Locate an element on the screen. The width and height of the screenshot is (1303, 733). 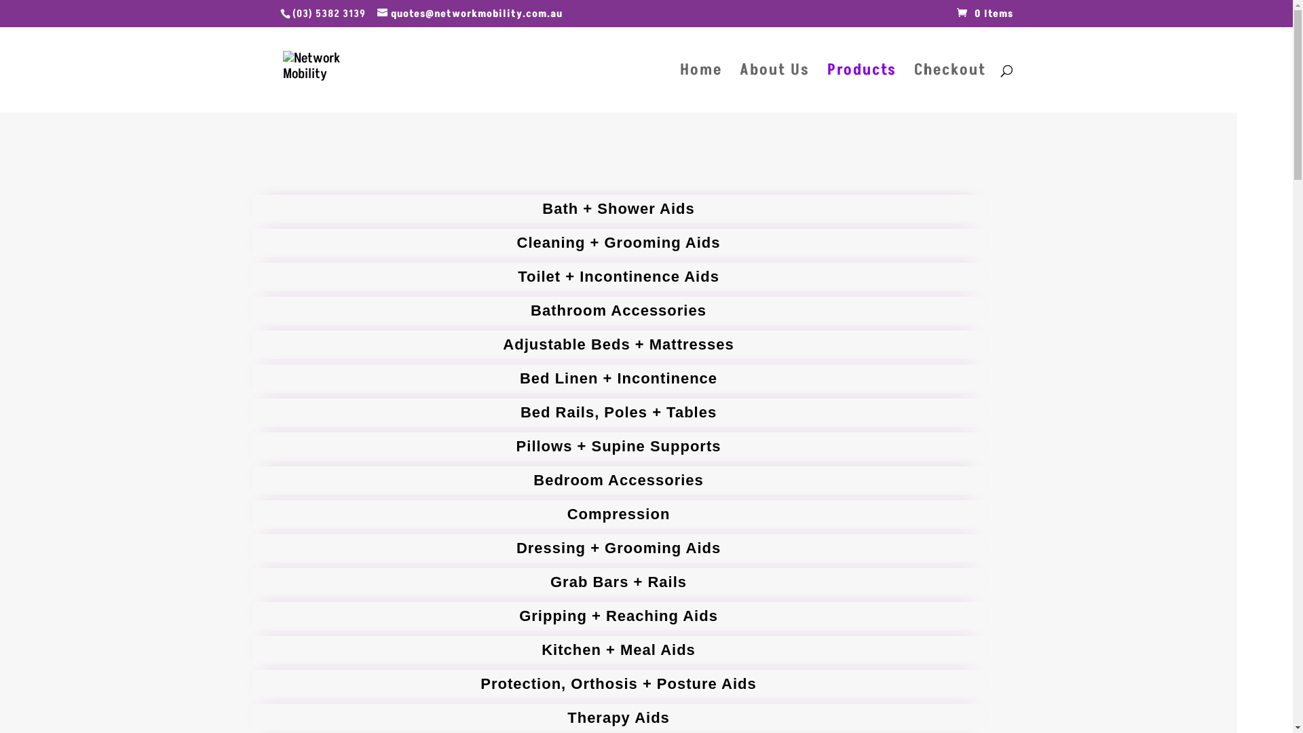
'Bedroom Accessories' is located at coordinates (618, 480).